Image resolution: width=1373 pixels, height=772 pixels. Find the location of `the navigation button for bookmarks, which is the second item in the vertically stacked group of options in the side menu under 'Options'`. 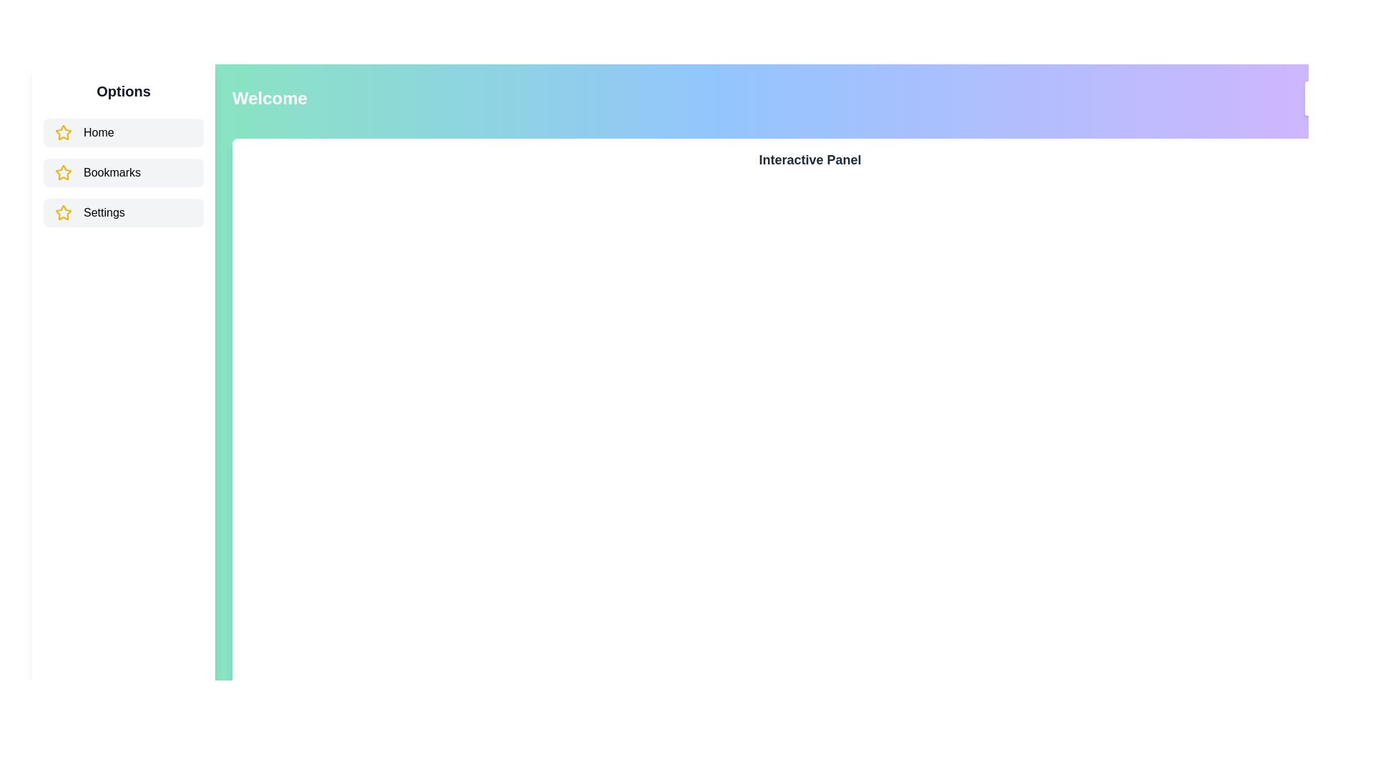

the navigation button for bookmarks, which is the second item in the vertically stacked group of options in the side menu under 'Options' is located at coordinates (123, 172).